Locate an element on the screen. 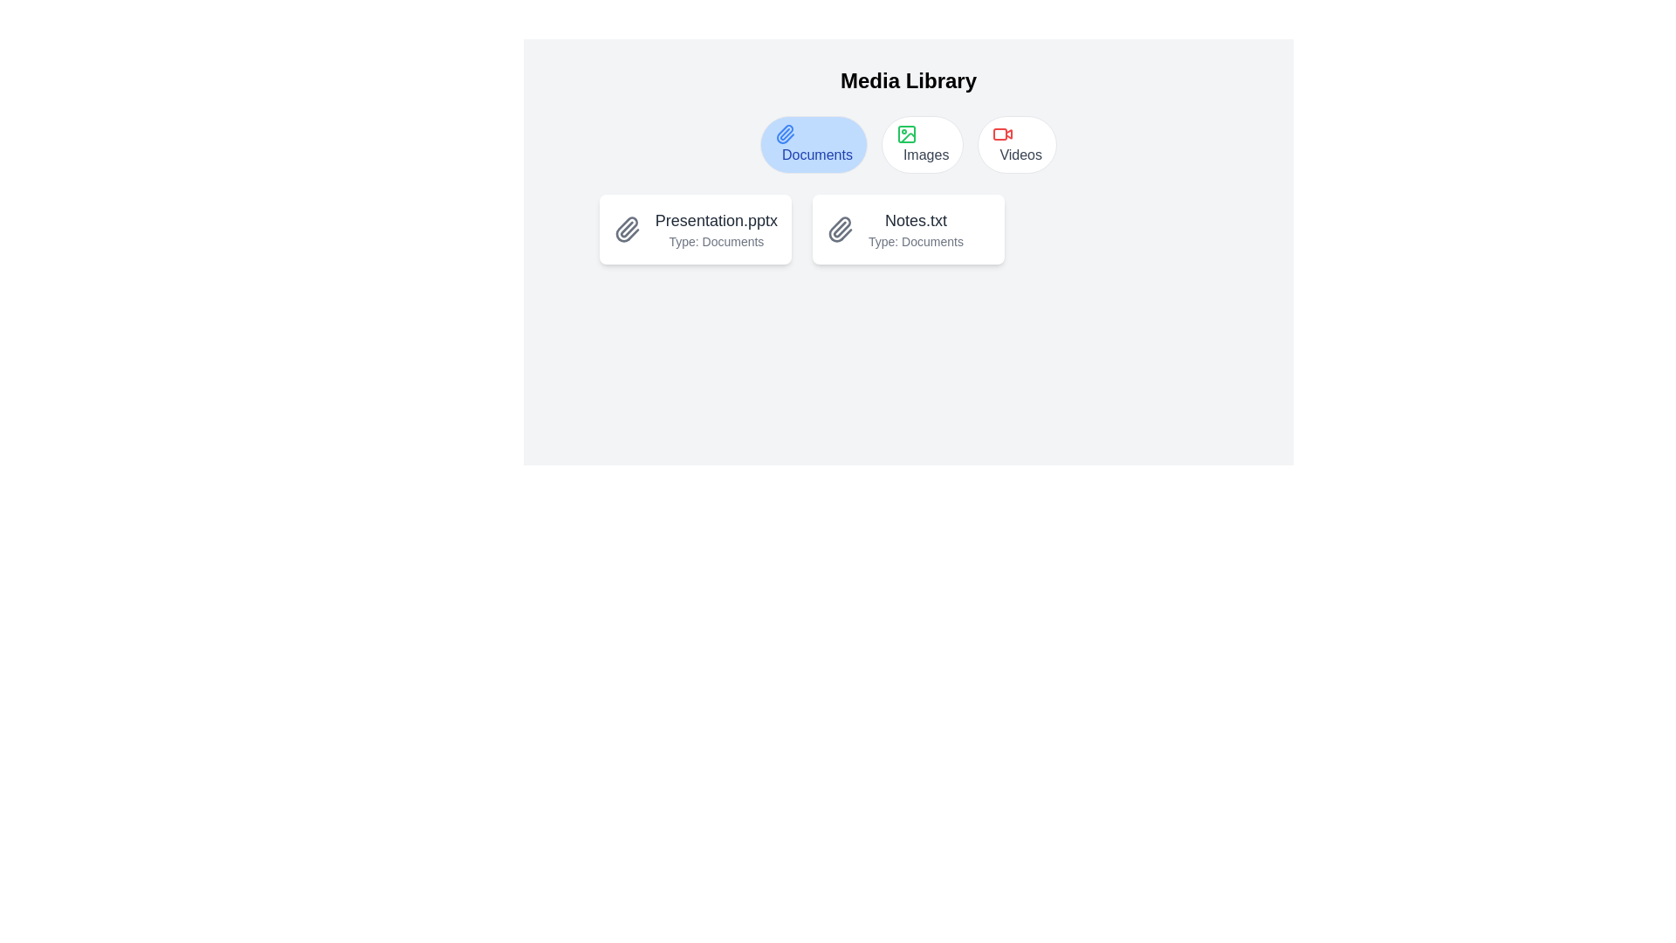 This screenshot has width=1676, height=943. the 'Presentation.pptx' text display card within the Documents section of the Media Library is located at coordinates (716, 228).